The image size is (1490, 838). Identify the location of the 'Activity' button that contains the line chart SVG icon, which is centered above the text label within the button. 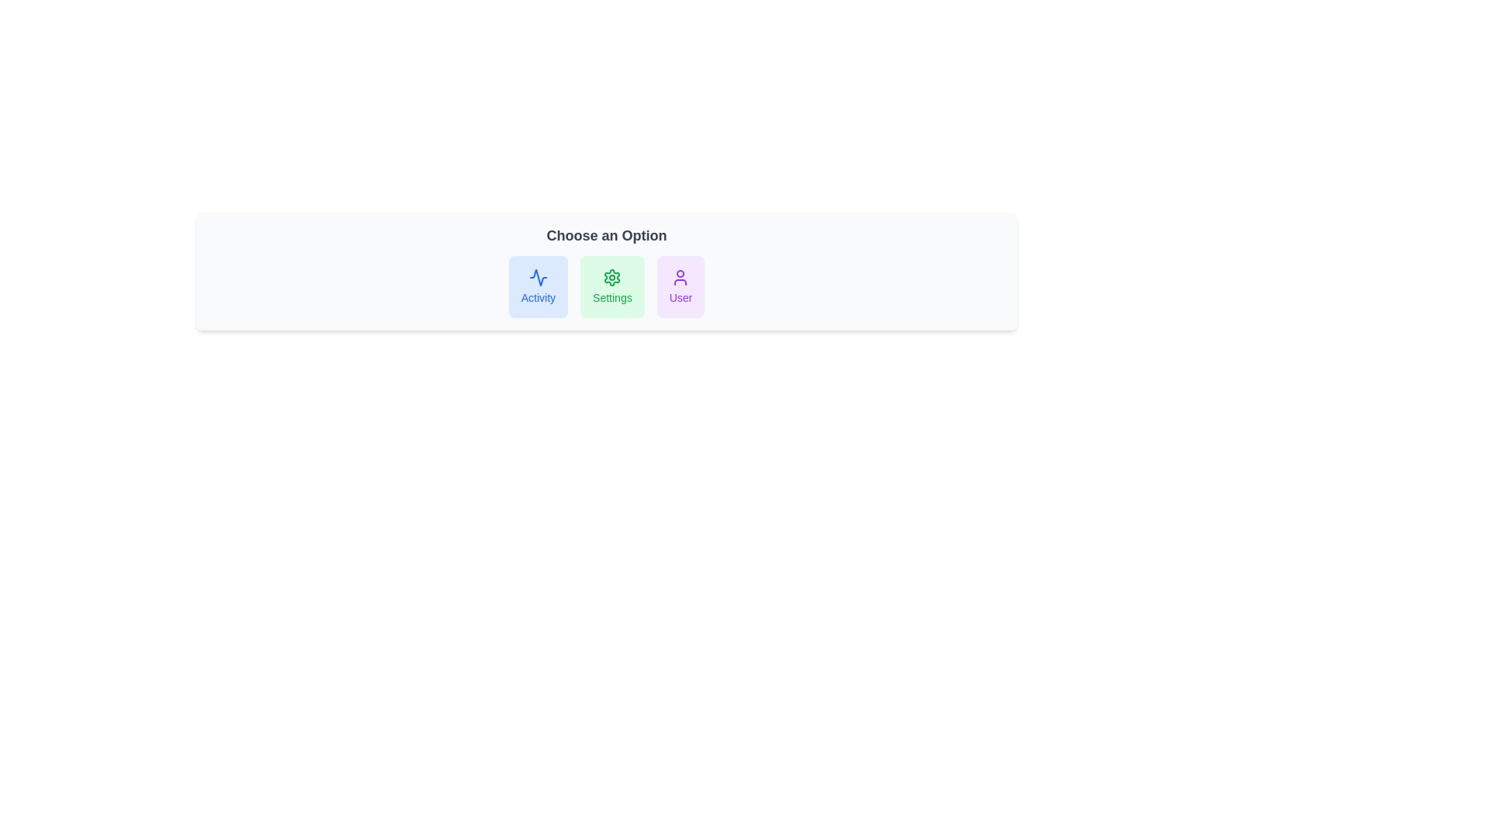
(538, 277).